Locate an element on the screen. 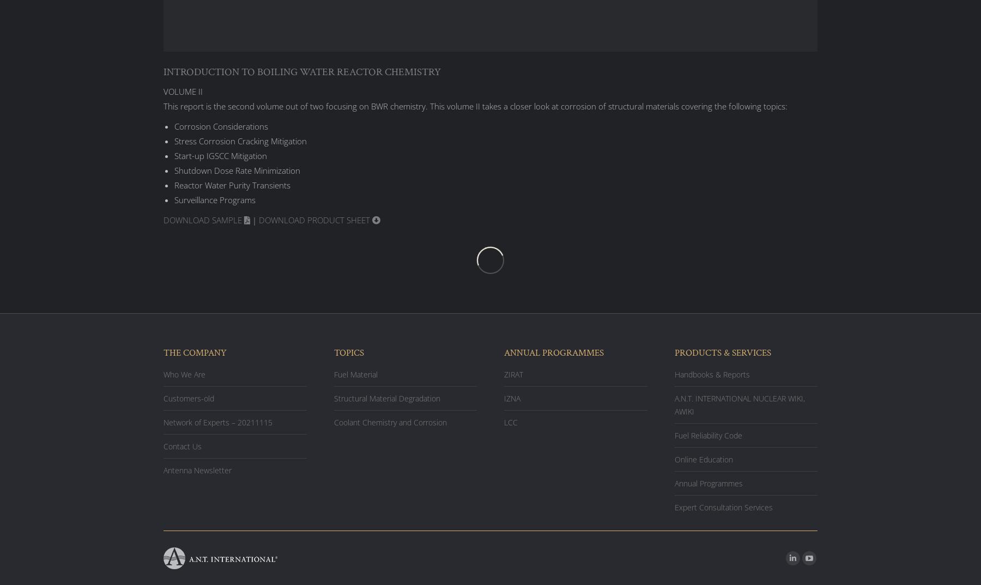 Image resolution: width=981 pixels, height=585 pixels. 'TOPICS' is located at coordinates (348, 351).